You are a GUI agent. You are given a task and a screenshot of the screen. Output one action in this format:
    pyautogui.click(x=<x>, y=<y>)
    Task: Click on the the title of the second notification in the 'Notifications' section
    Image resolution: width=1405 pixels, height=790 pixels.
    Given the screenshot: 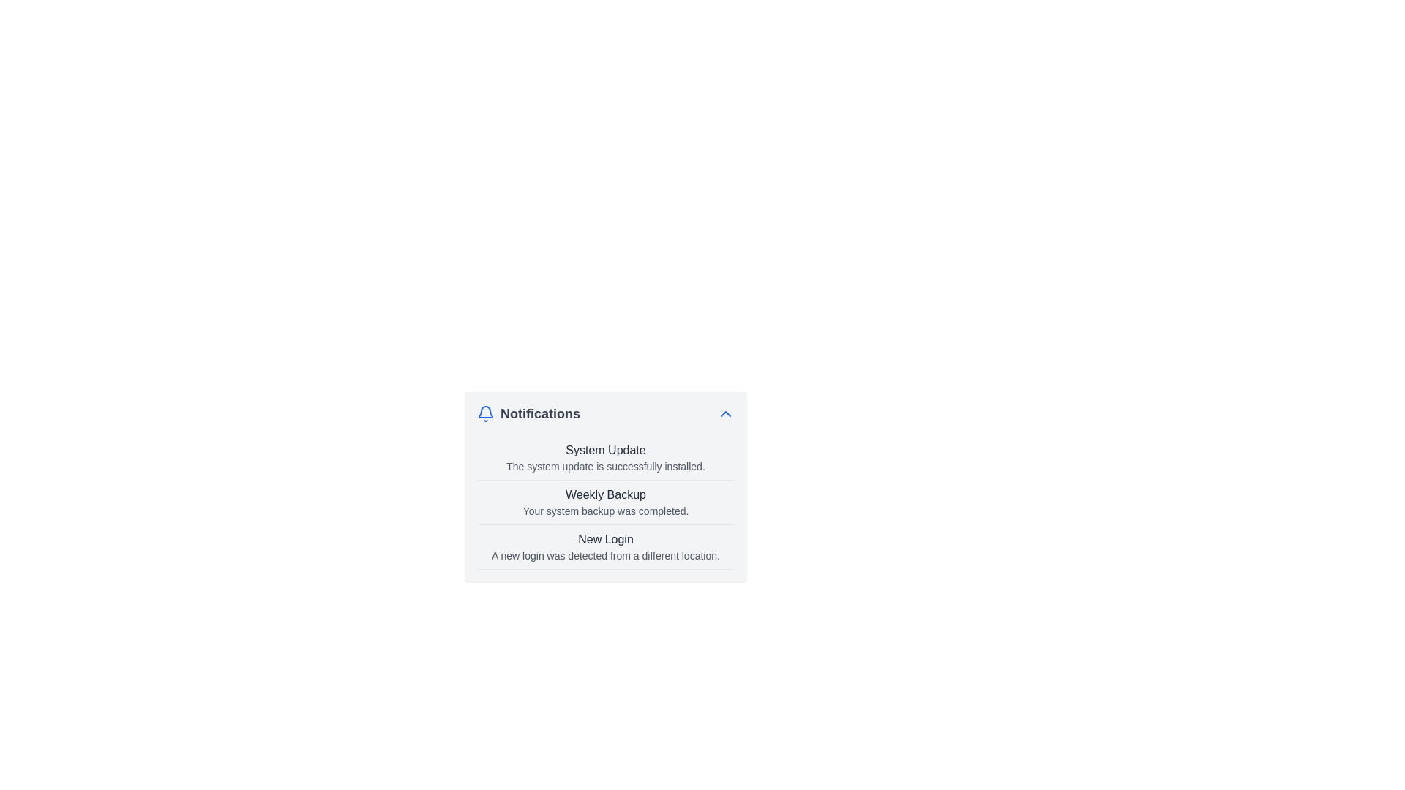 What is the action you would take?
    pyautogui.click(x=606, y=502)
    